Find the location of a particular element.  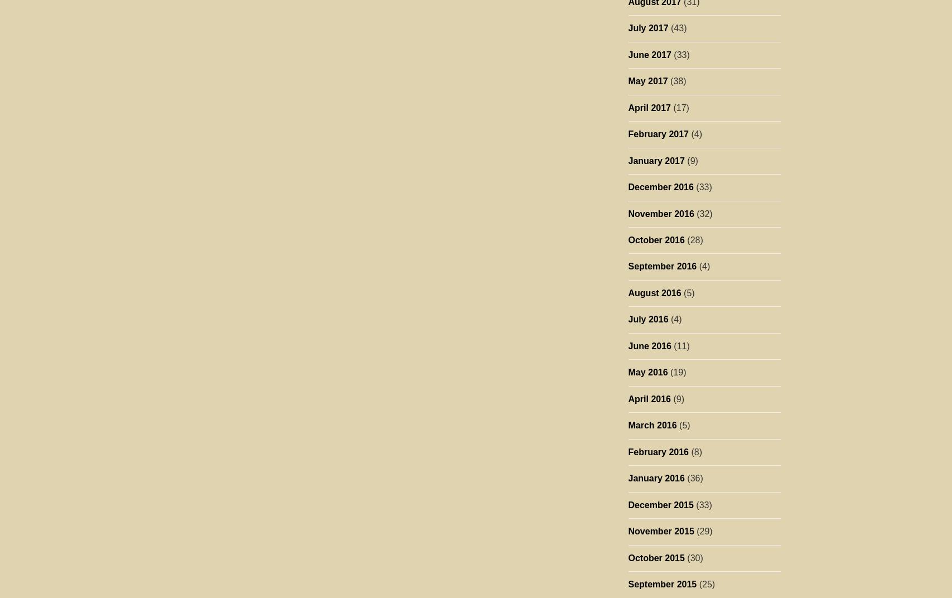

'November 2015' is located at coordinates (627, 531).